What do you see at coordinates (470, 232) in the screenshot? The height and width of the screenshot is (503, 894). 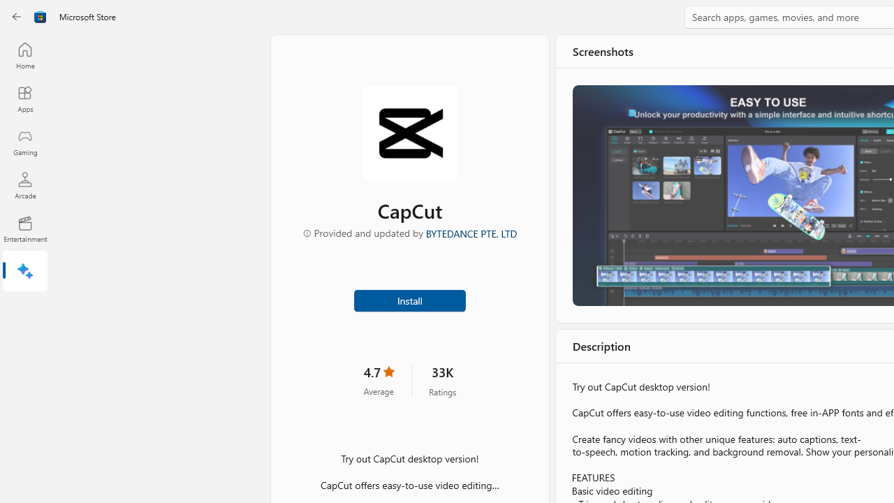 I see `'BYTEDANCE PTE. LTD'` at bounding box center [470, 232].